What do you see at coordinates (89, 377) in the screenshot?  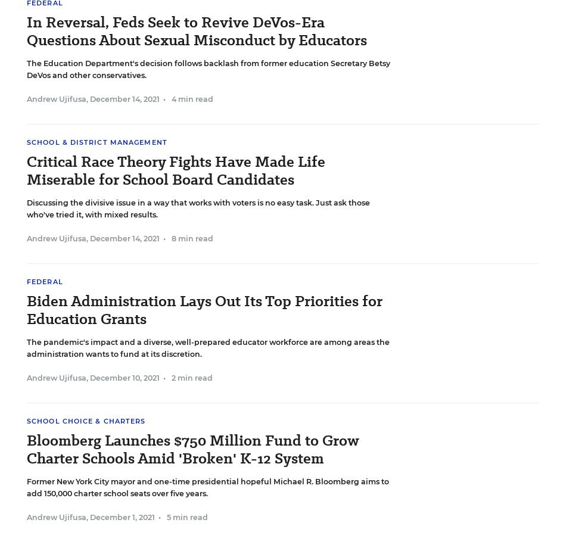 I see `'December 10, 2021'` at bounding box center [89, 377].